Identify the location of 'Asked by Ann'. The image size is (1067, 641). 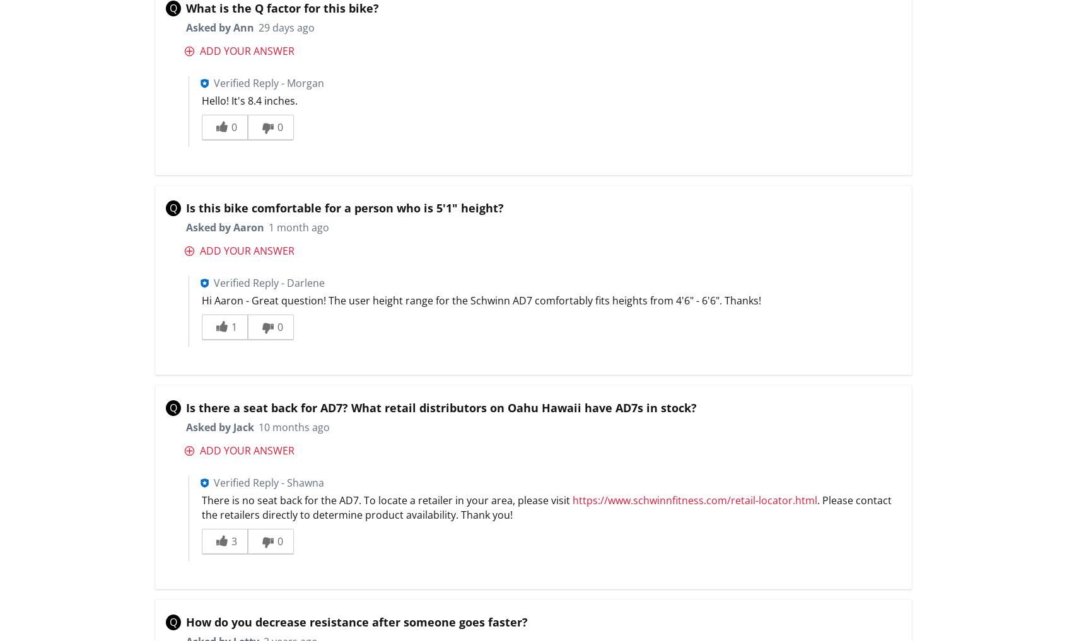
(219, 27).